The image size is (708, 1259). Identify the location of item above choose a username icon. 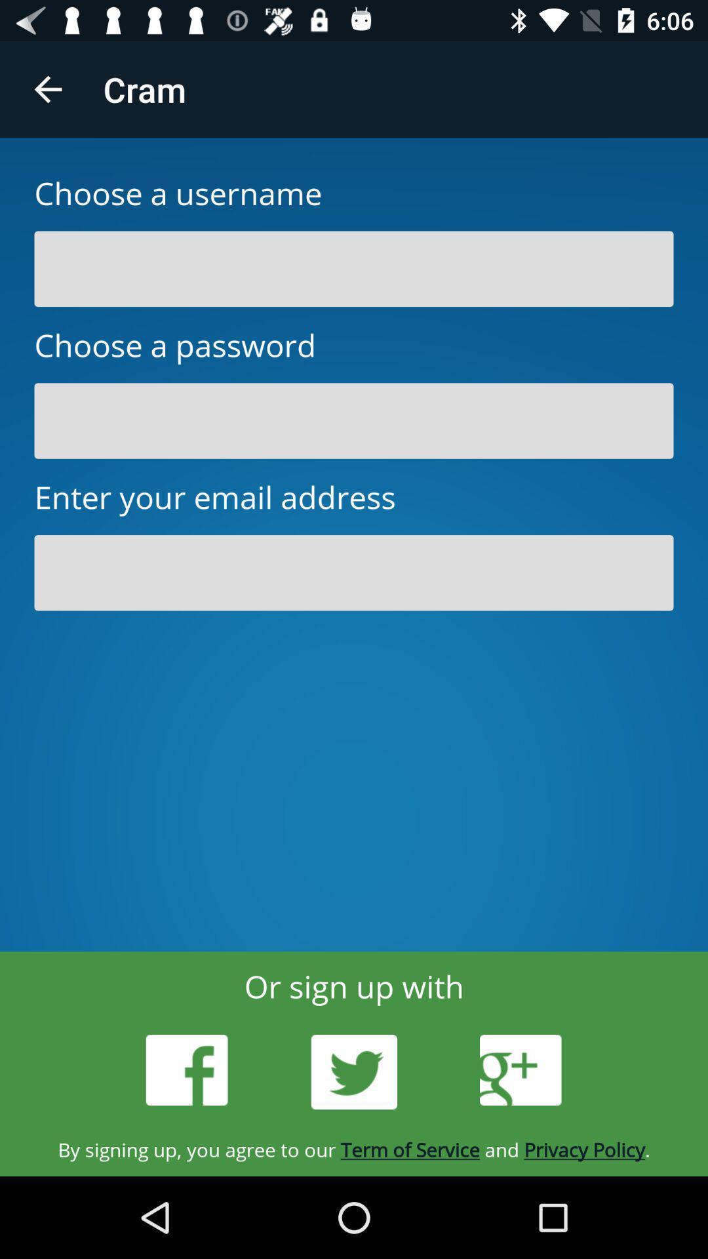
(47, 89).